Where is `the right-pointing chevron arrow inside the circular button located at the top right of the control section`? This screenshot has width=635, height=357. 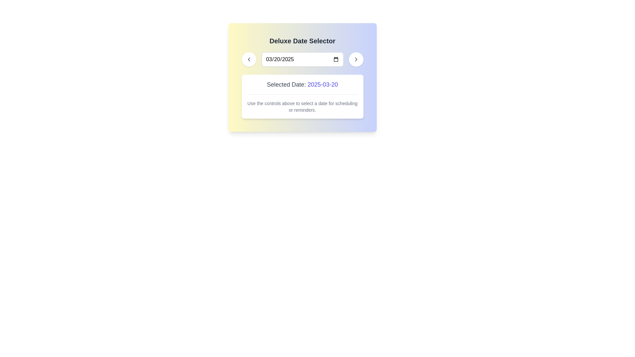 the right-pointing chevron arrow inside the circular button located at the top right of the control section is located at coordinates (356, 59).